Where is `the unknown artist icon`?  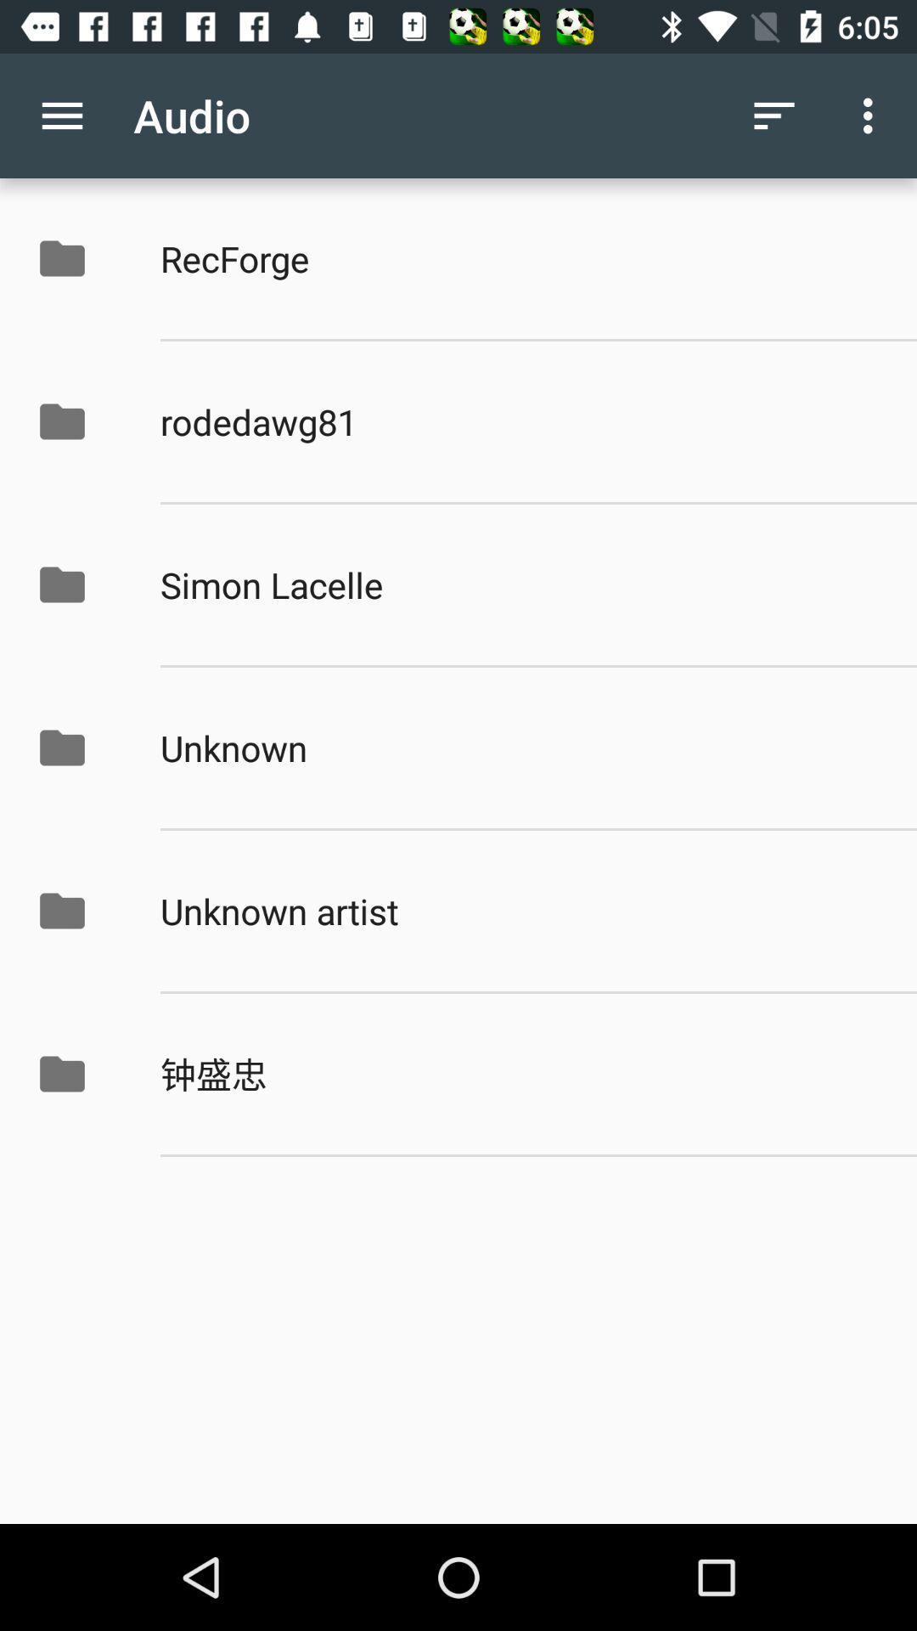
the unknown artist icon is located at coordinates (520, 910).